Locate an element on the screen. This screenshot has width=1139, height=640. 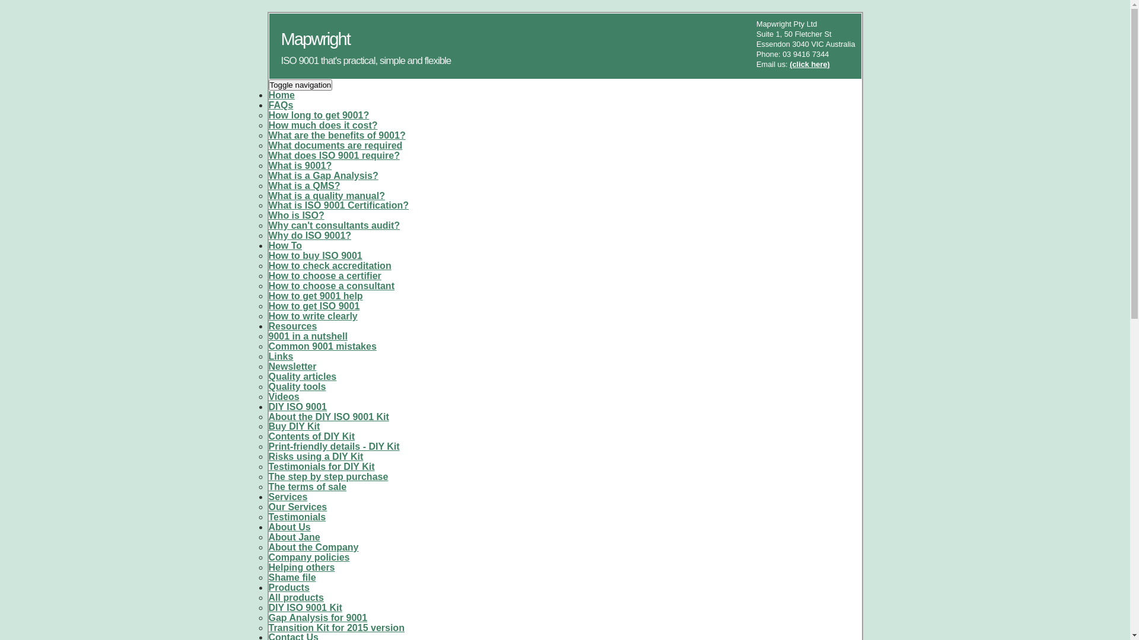
'Services' is located at coordinates (287, 497).